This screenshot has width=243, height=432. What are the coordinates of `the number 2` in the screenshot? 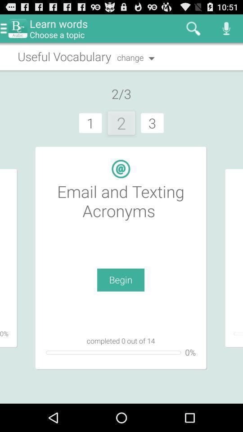 It's located at (121, 122).